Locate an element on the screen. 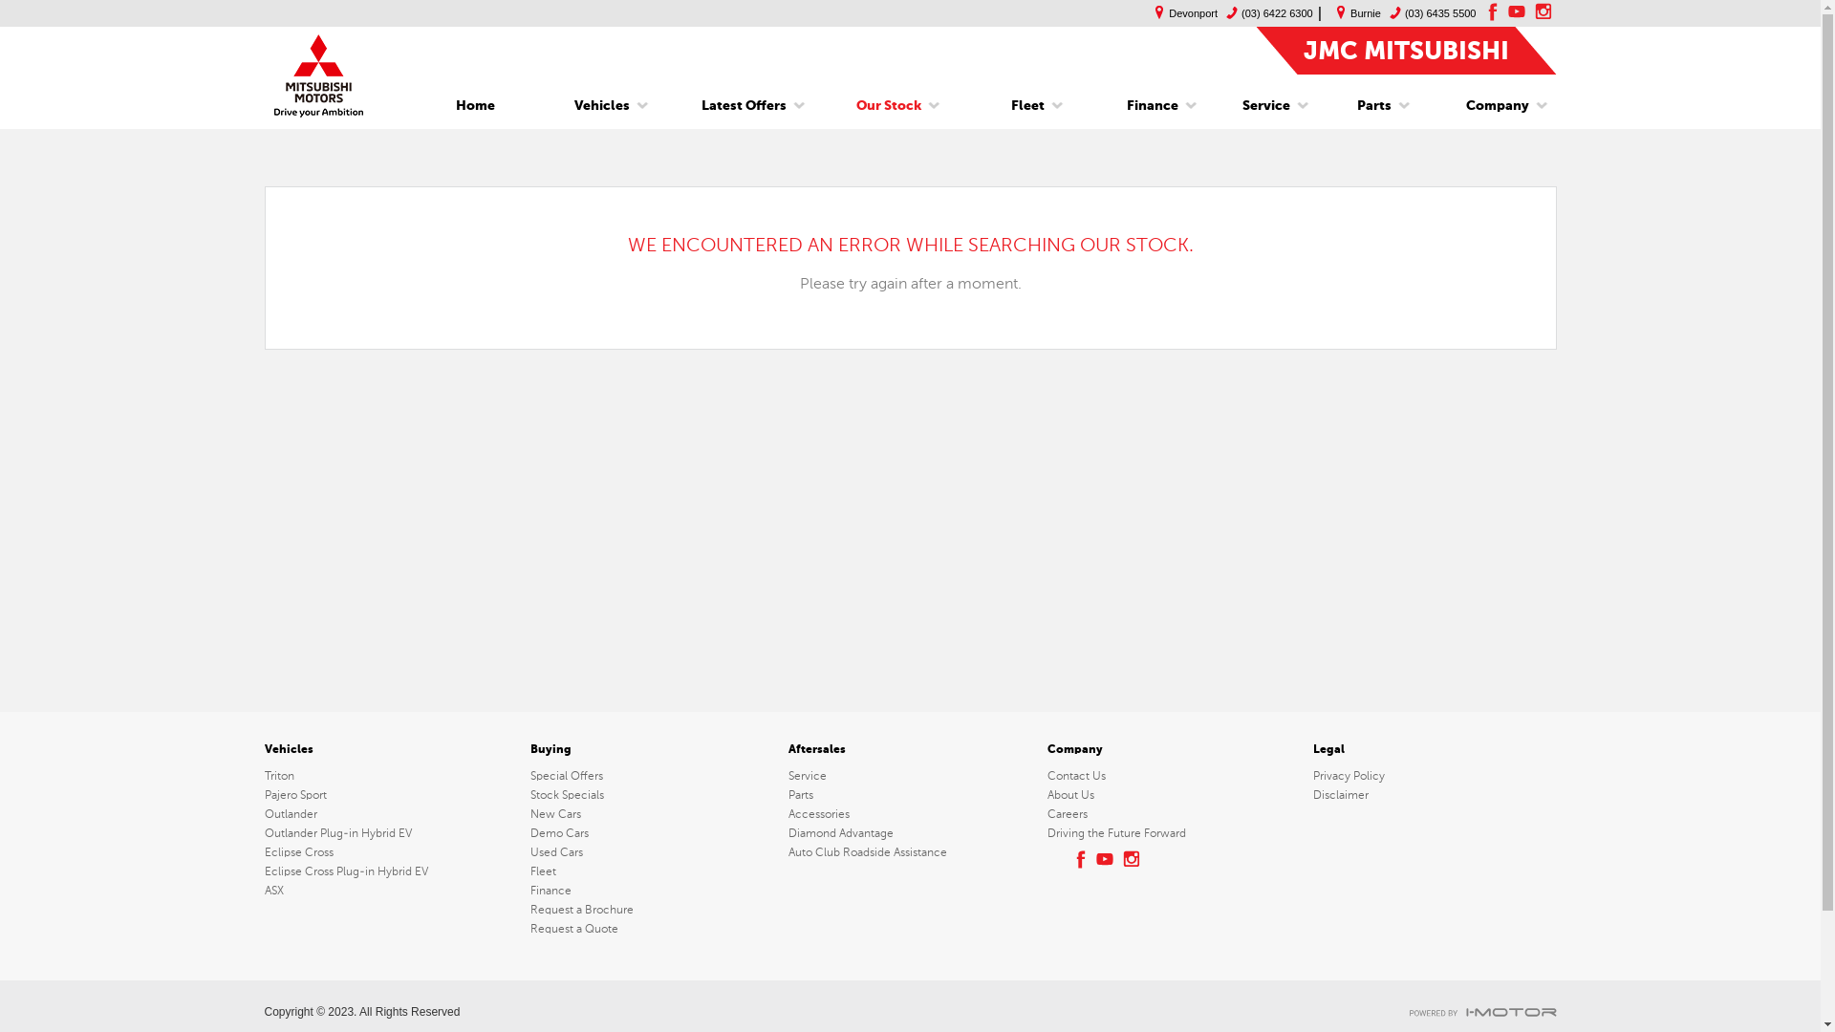 The image size is (1835, 1032). 'Latest Offers' is located at coordinates (687, 106).